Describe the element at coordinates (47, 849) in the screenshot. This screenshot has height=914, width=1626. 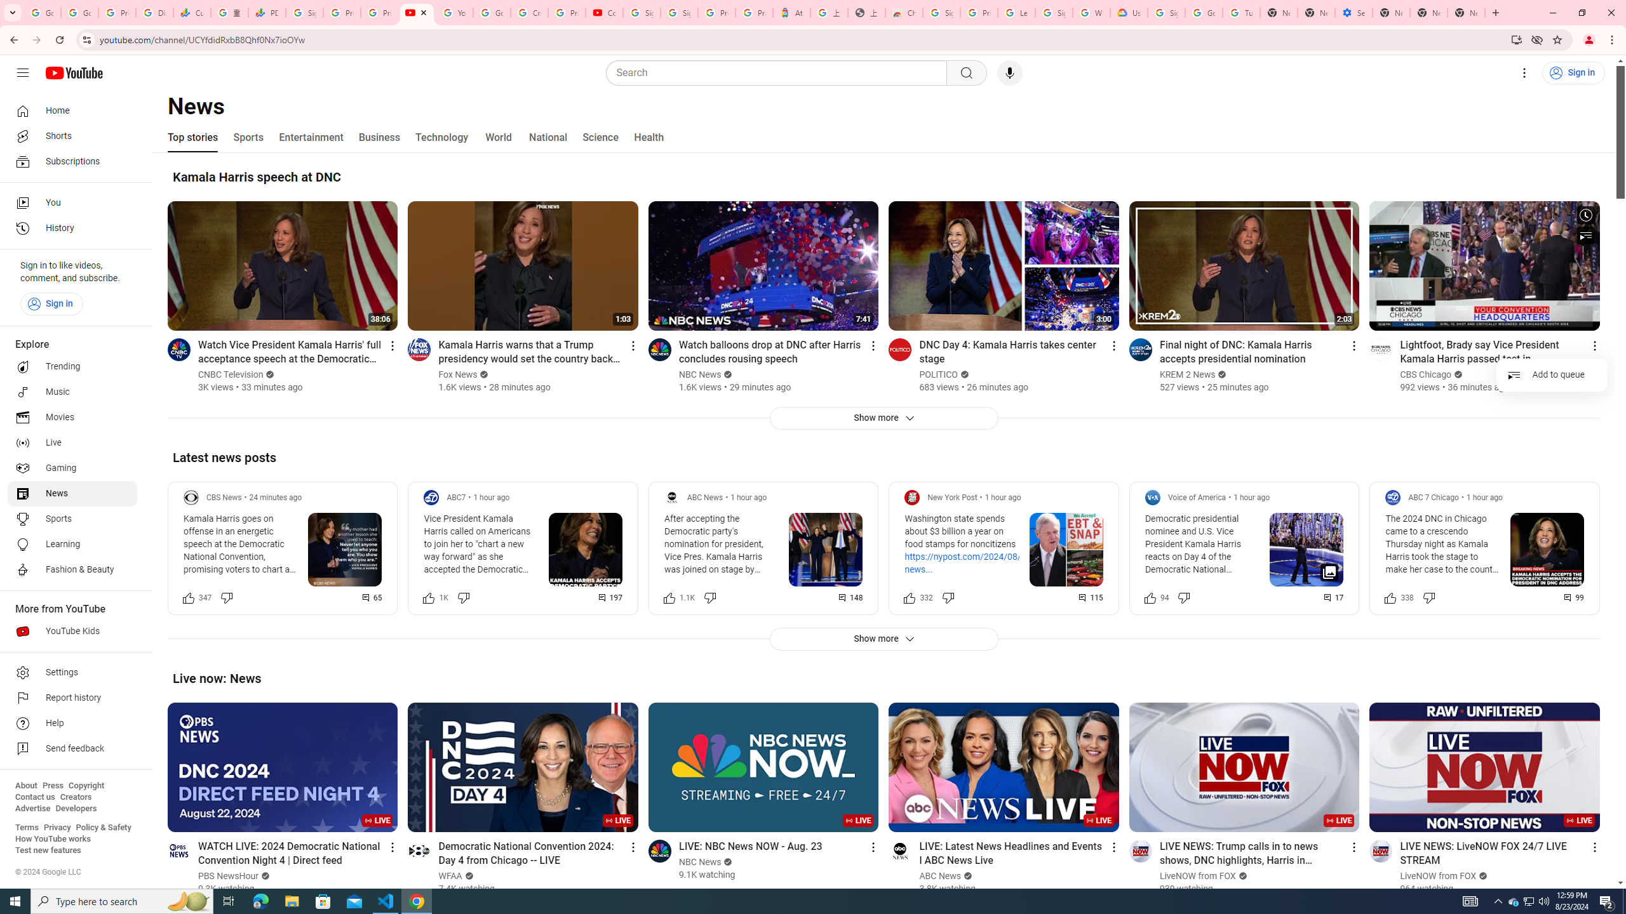
I see `'Test new features'` at that location.